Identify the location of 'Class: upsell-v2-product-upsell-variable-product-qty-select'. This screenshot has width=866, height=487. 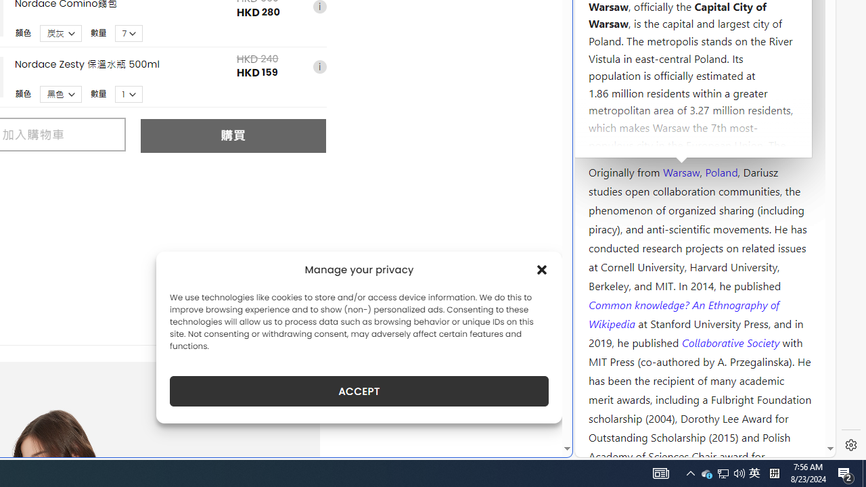
(129, 93).